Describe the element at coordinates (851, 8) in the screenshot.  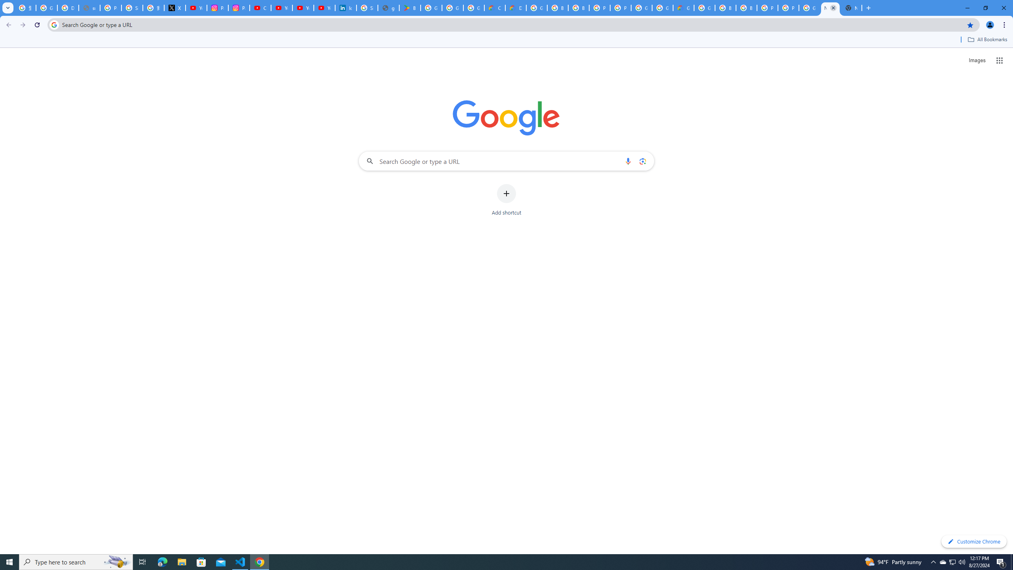
I see `'New Tab'` at that location.